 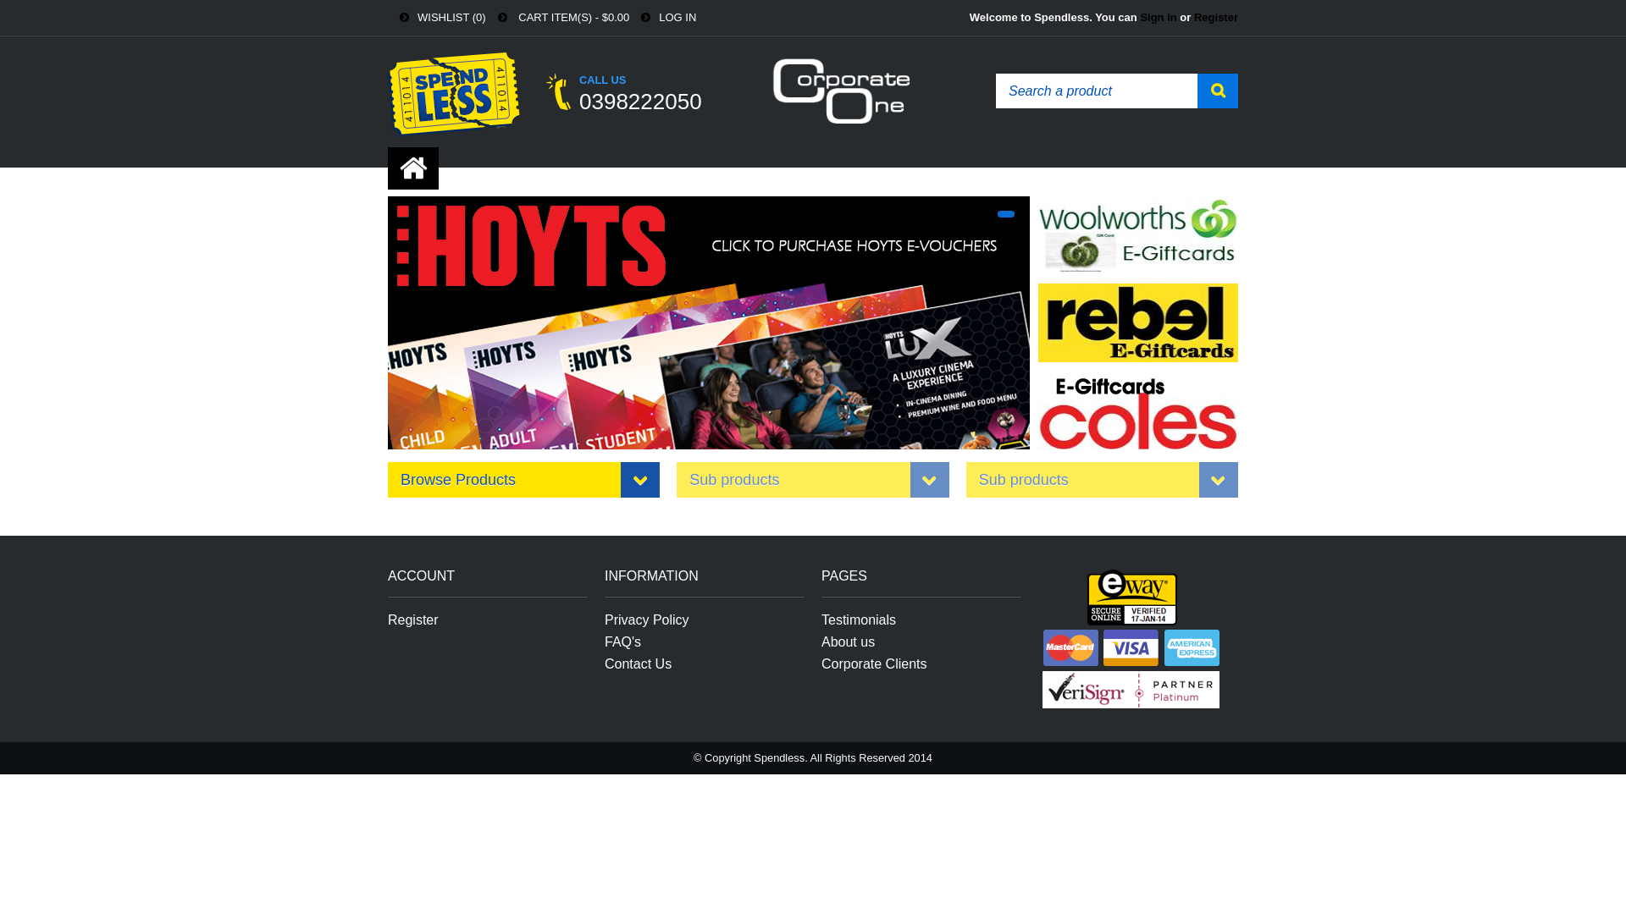 I want to click on 'Search', so click(x=1217, y=91).